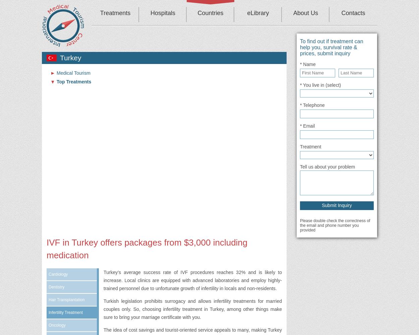 The width and height of the screenshot is (419, 335). Describe the element at coordinates (65, 313) in the screenshot. I see `'Infertility Treatment'` at that location.